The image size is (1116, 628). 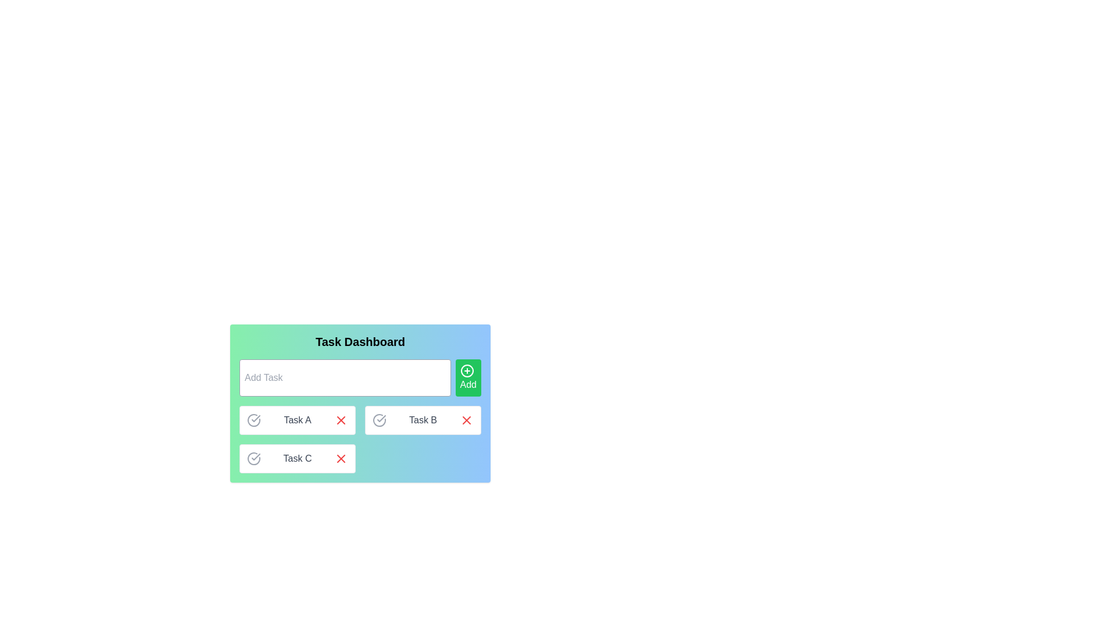 What do you see at coordinates (466, 420) in the screenshot?
I see `the delete button, which is represented by a diagonal cross icon within a circular button next to 'Task B' in the Task Dashboard` at bounding box center [466, 420].